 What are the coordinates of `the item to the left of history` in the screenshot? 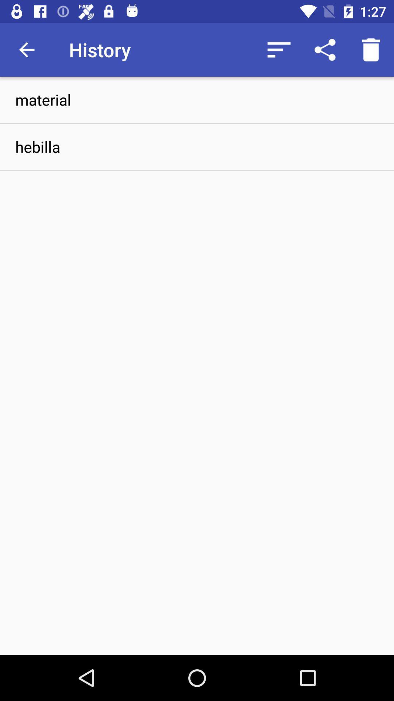 It's located at (26, 49).